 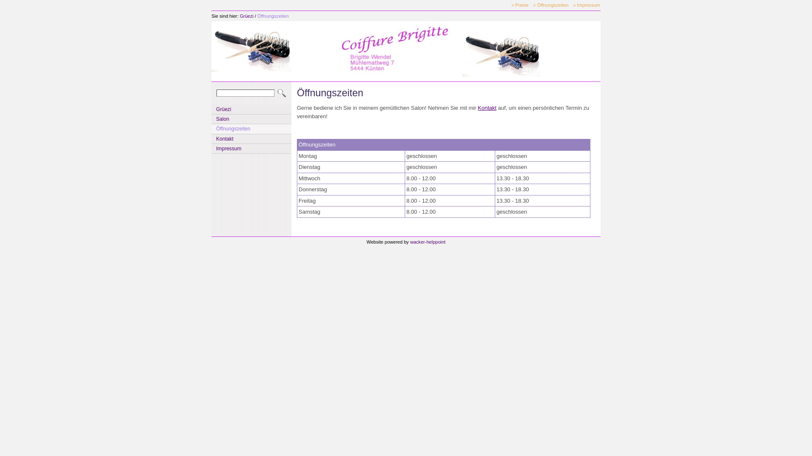 What do you see at coordinates (251, 119) in the screenshot?
I see `'Salon'` at bounding box center [251, 119].